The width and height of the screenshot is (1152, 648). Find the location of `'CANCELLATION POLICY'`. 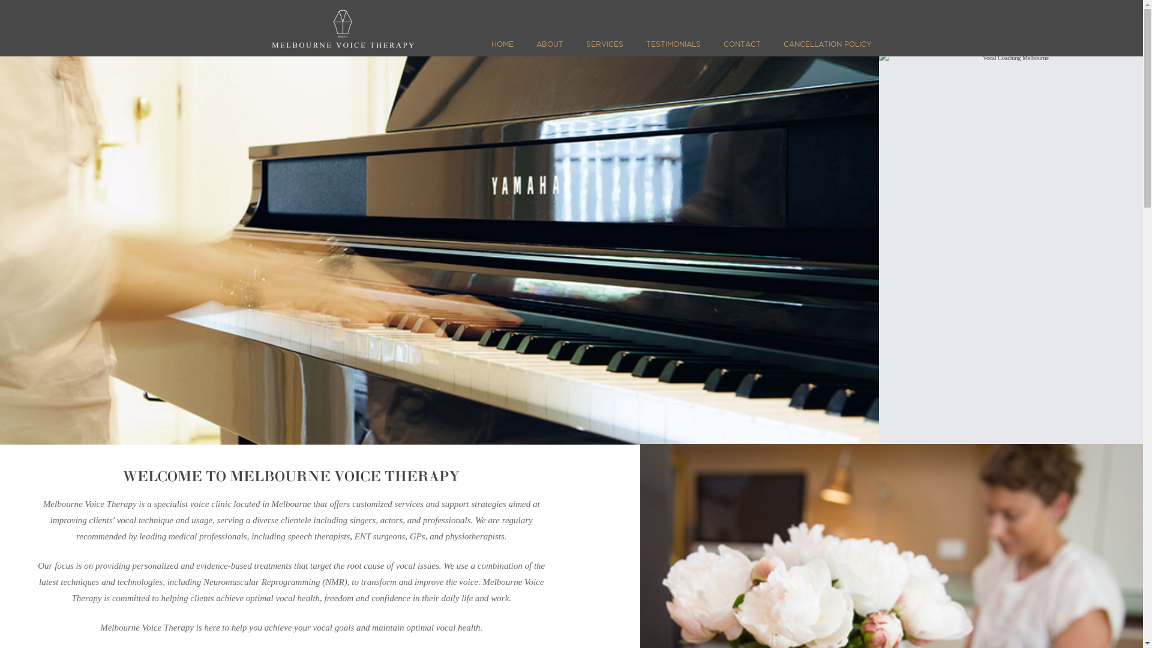

'CANCELLATION POLICY' is located at coordinates (824, 48).